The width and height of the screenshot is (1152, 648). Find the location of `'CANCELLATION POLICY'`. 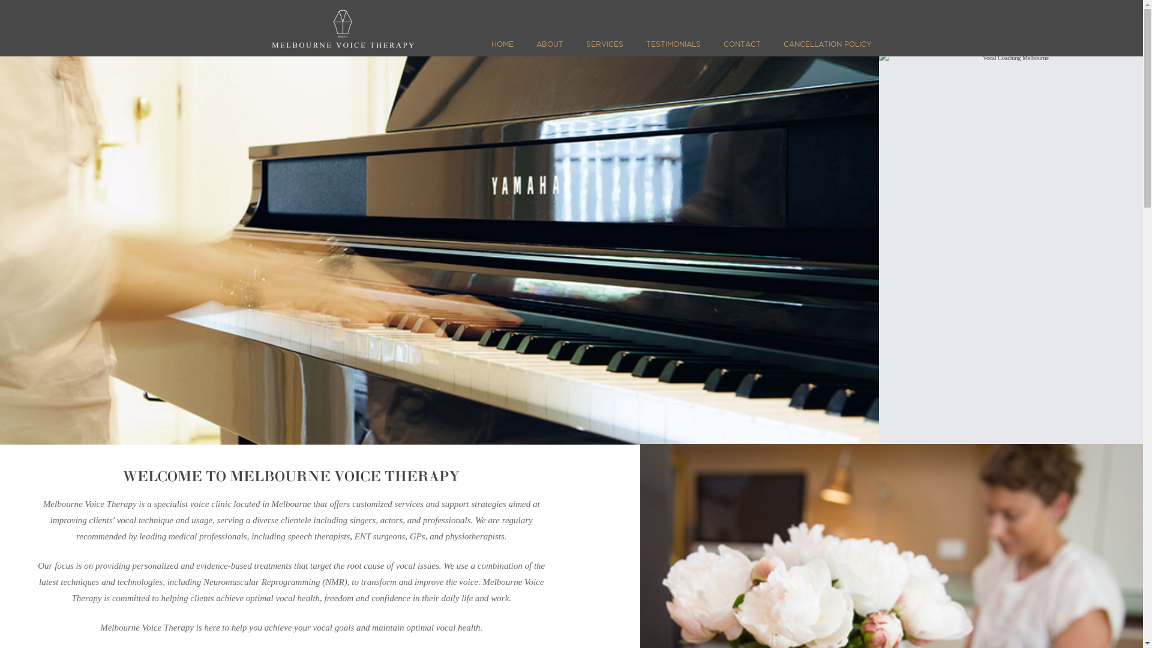

'CANCELLATION POLICY' is located at coordinates (824, 48).